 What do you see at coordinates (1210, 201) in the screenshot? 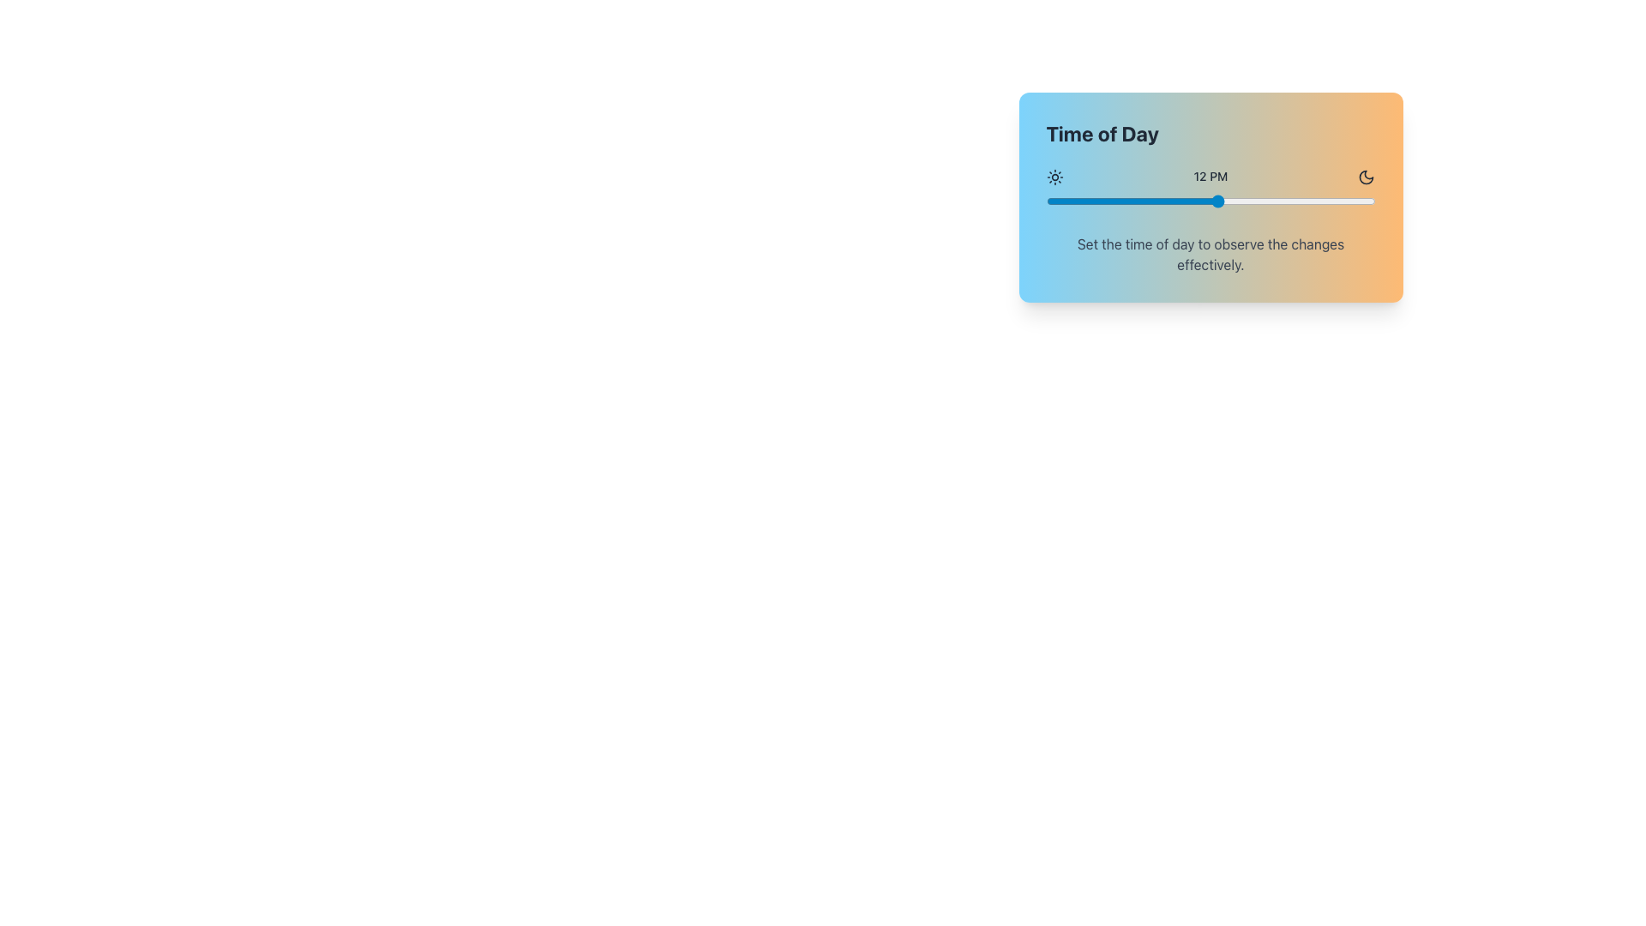
I see `the slider located below the text '12 PM' to receive additional feedback` at bounding box center [1210, 201].